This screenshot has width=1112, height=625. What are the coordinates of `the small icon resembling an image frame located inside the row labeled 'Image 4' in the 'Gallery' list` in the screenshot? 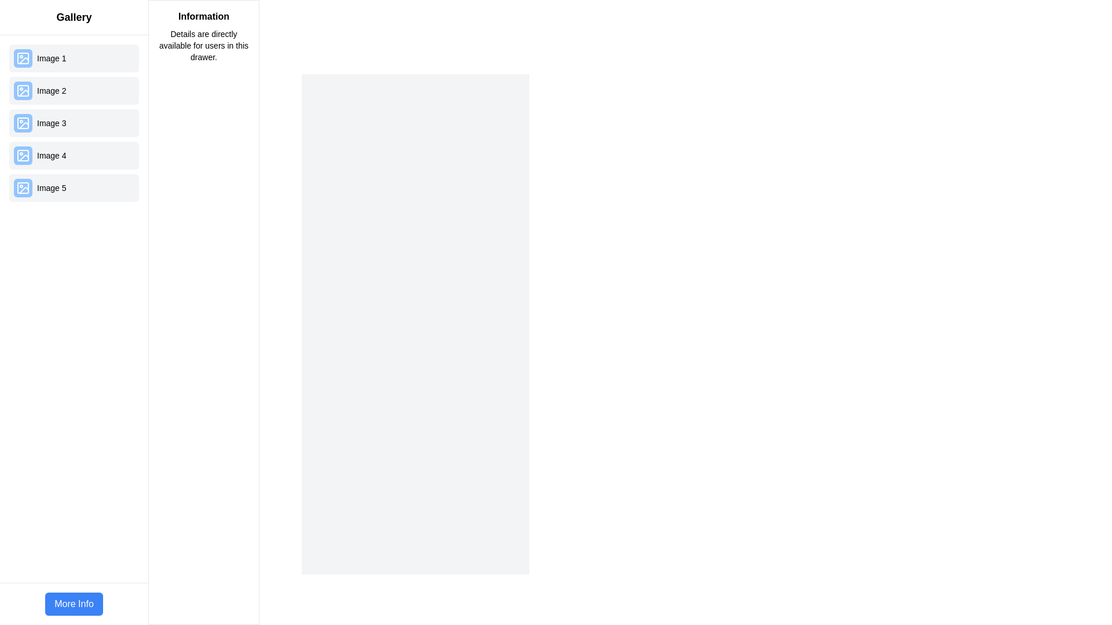 It's located at (23, 155).